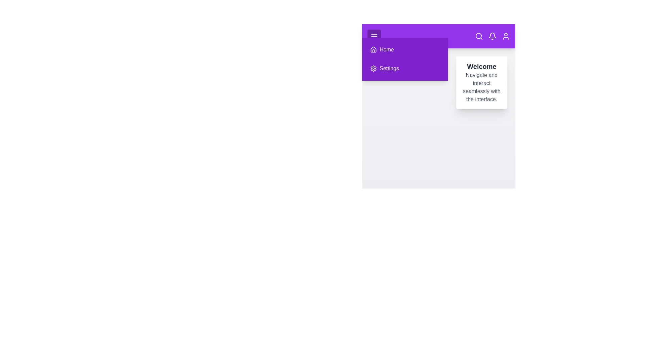  I want to click on the 'Settings' menu item, so click(404, 69).